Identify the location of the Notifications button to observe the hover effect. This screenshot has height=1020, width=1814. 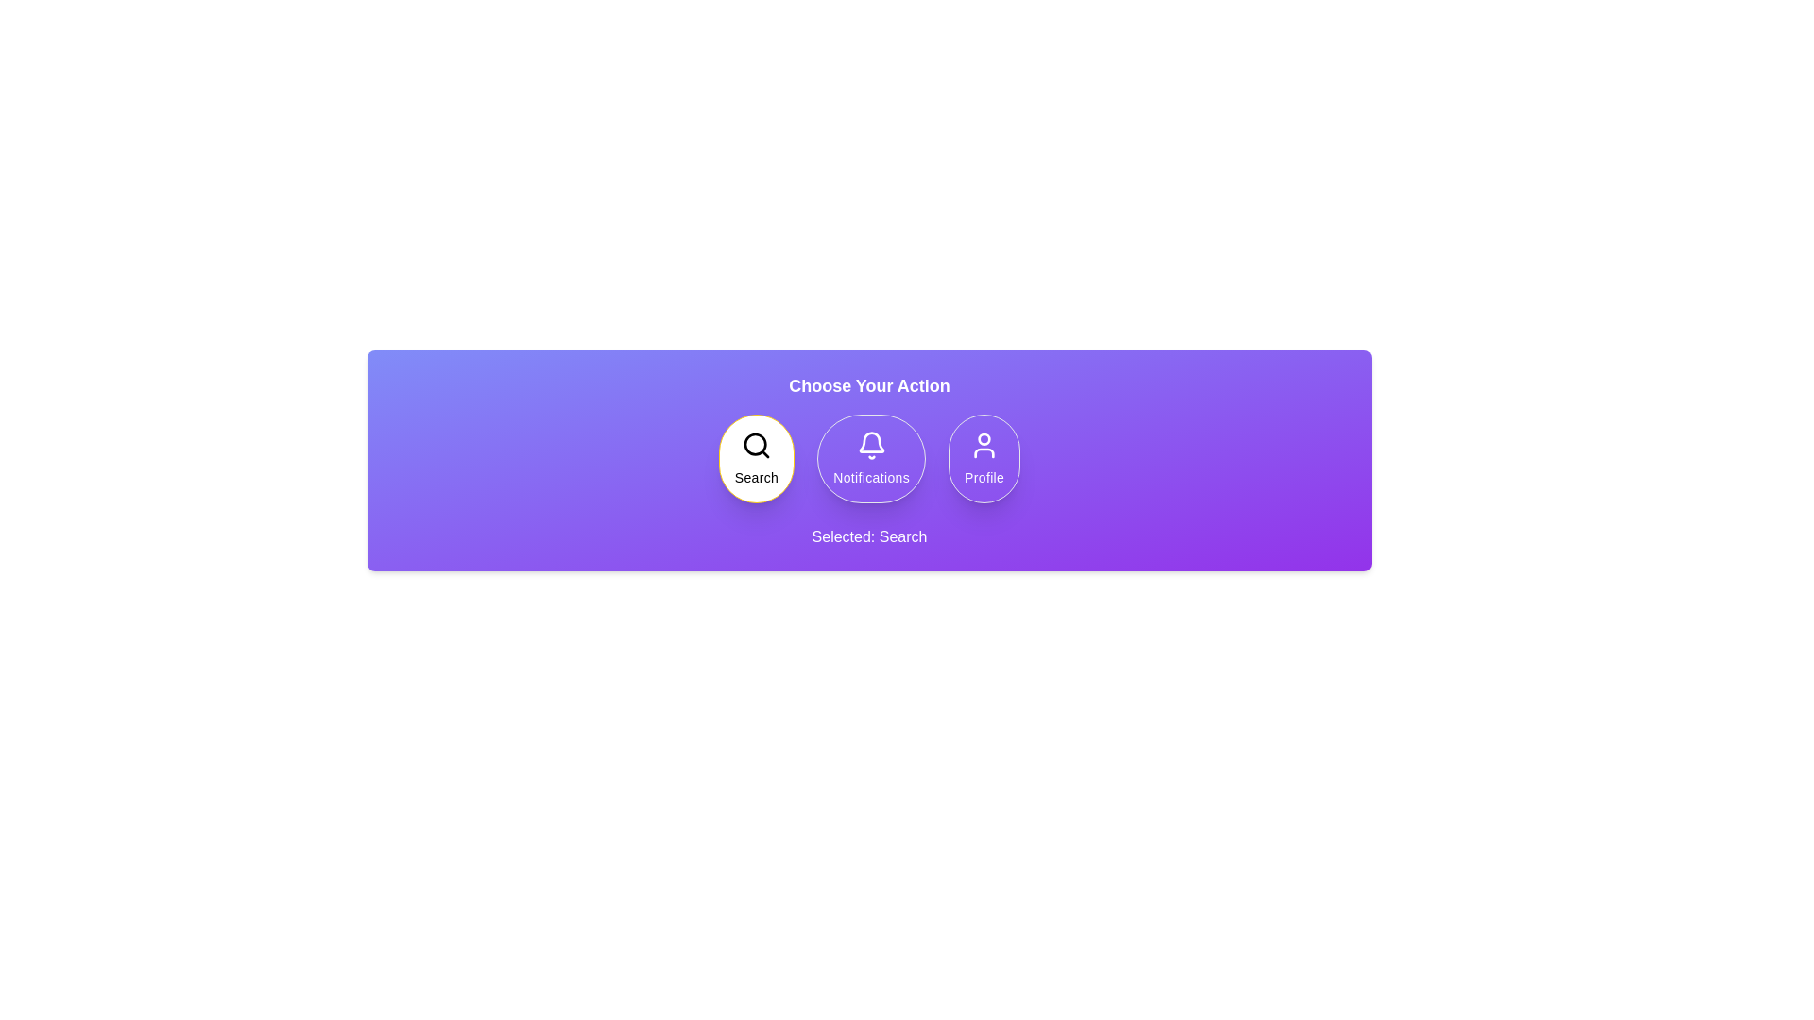
(869, 459).